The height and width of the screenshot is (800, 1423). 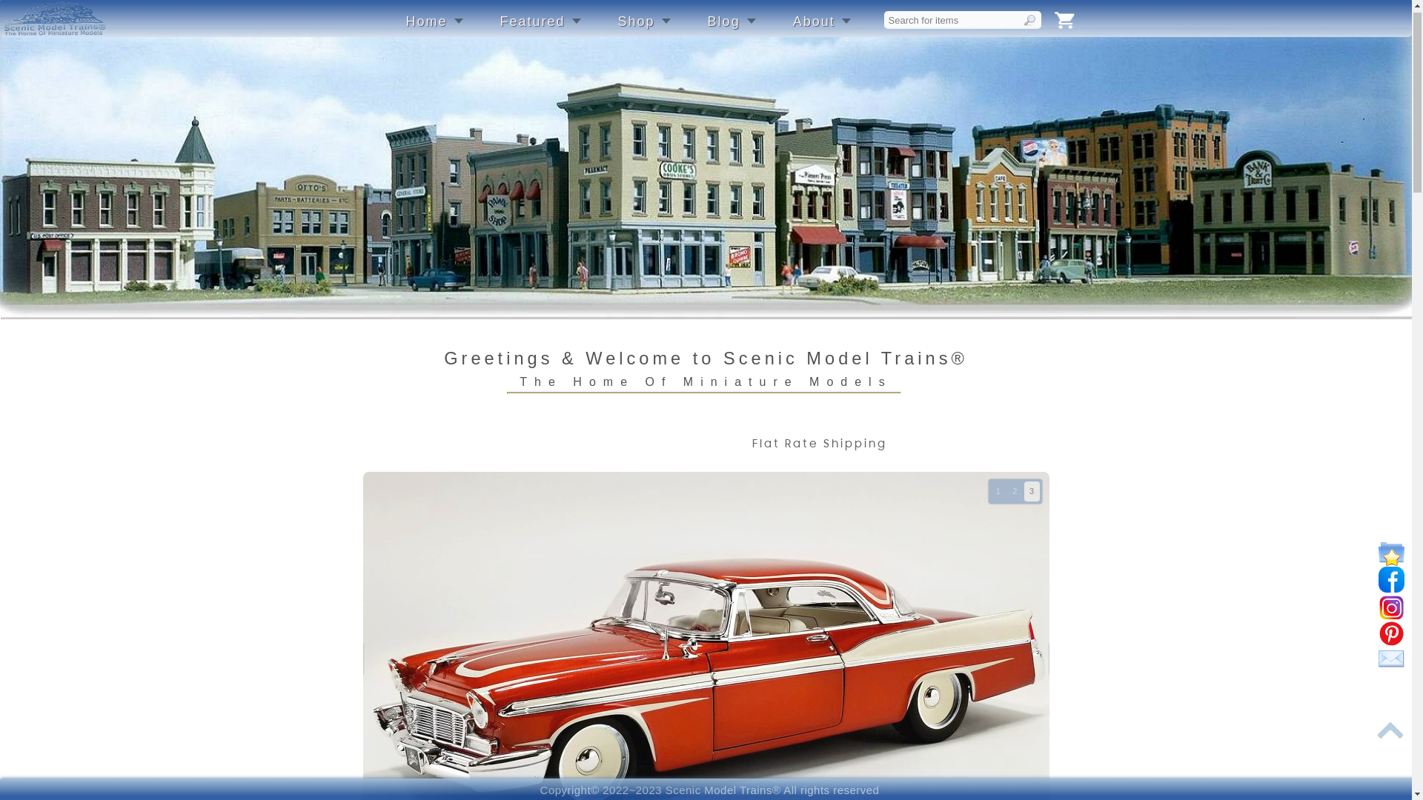 What do you see at coordinates (618, 29) in the screenshot?
I see `'Shop'` at bounding box center [618, 29].